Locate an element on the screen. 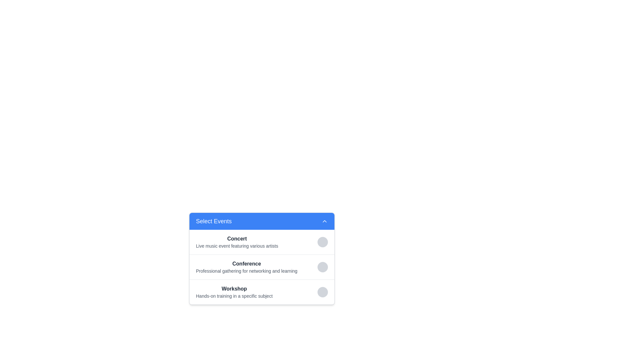 The image size is (624, 351). the dropdown toggle button located at the rightmost end of the header section labeled 'Select Events' is located at coordinates (324, 221).